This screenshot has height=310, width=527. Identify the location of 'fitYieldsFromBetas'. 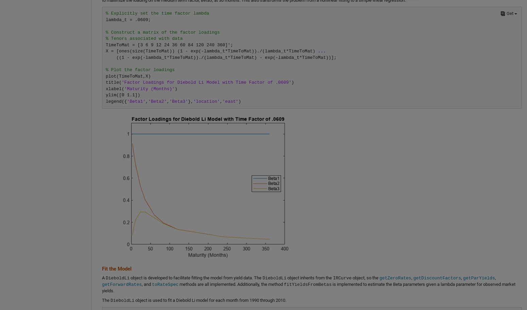
(308, 284).